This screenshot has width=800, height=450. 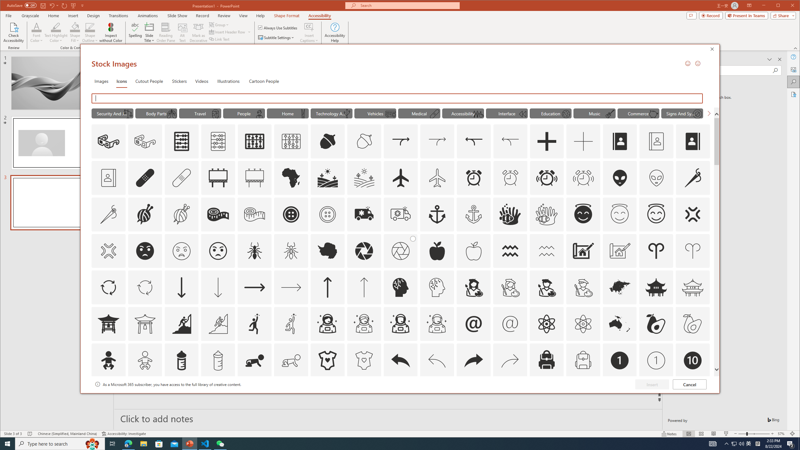 What do you see at coordinates (254, 141) in the screenshot?
I see `'AutomationID: Icons_Abacus1'` at bounding box center [254, 141].